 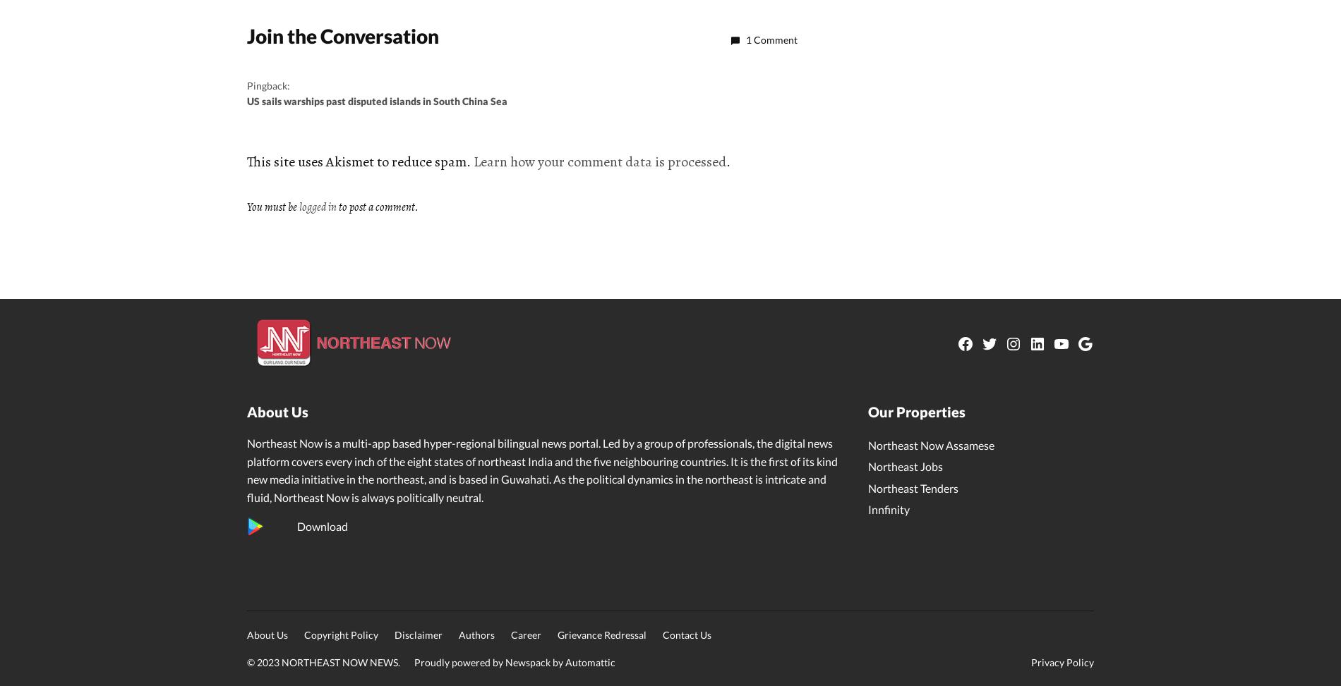 What do you see at coordinates (343, 35) in the screenshot?
I see `'Join the Conversation'` at bounding box center [343, 35].